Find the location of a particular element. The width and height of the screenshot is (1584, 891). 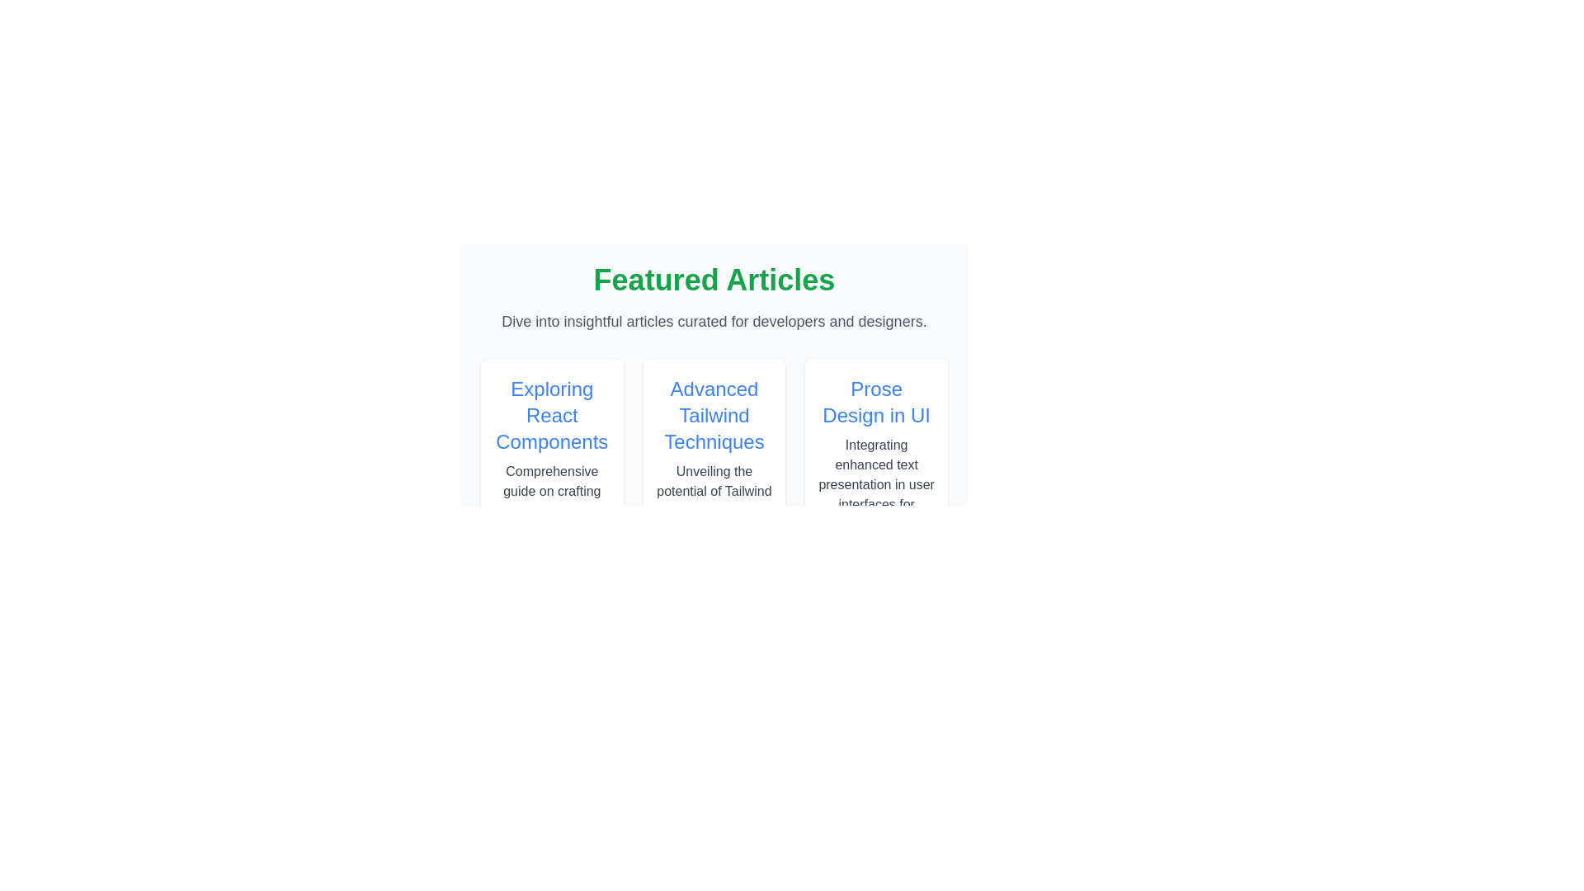

the card highlighting the article titled 'Advanced Tailwind Techniques' located in the 'Featured Articles' section is located at coordinates (714, 364).